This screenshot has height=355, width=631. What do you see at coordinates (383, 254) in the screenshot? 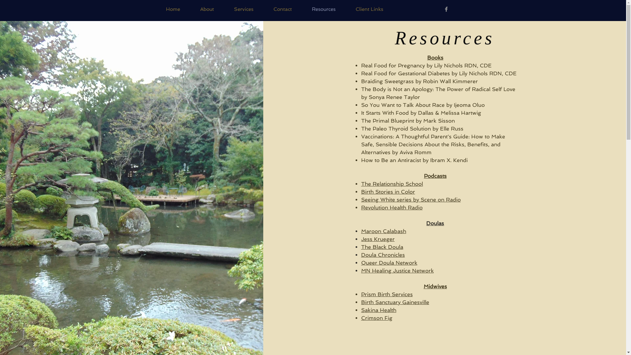
I see `'Doula Chronicles'` at bounding box center [383, 254].